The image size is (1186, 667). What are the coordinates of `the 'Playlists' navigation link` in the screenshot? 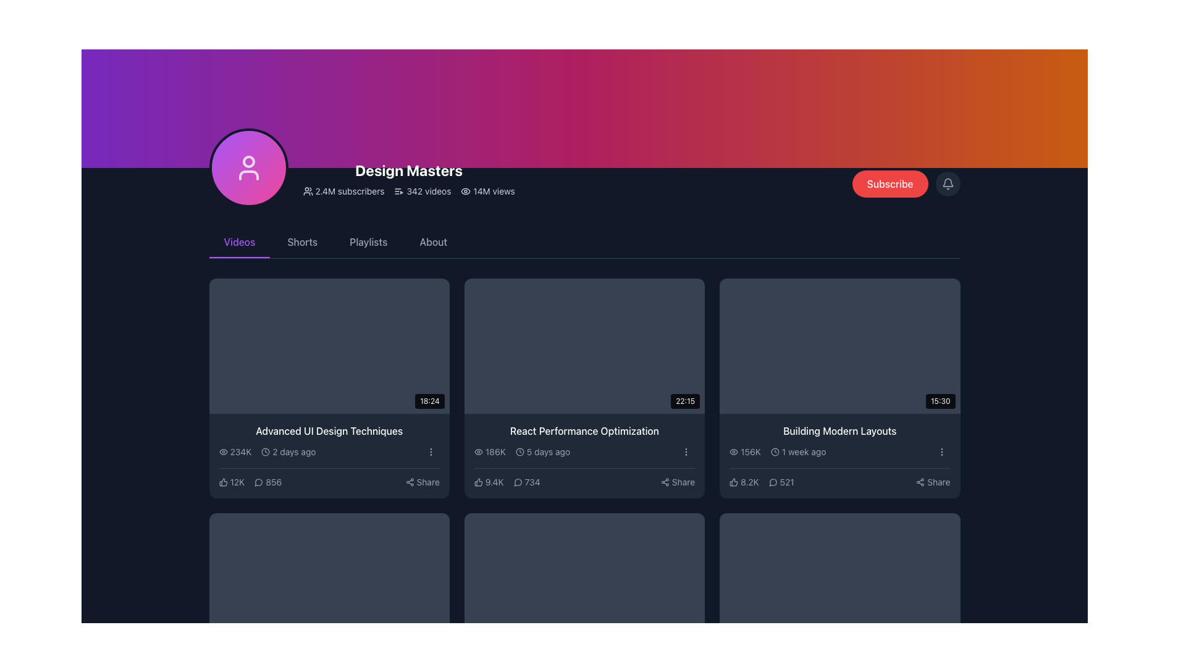 It's located at (368, 243).